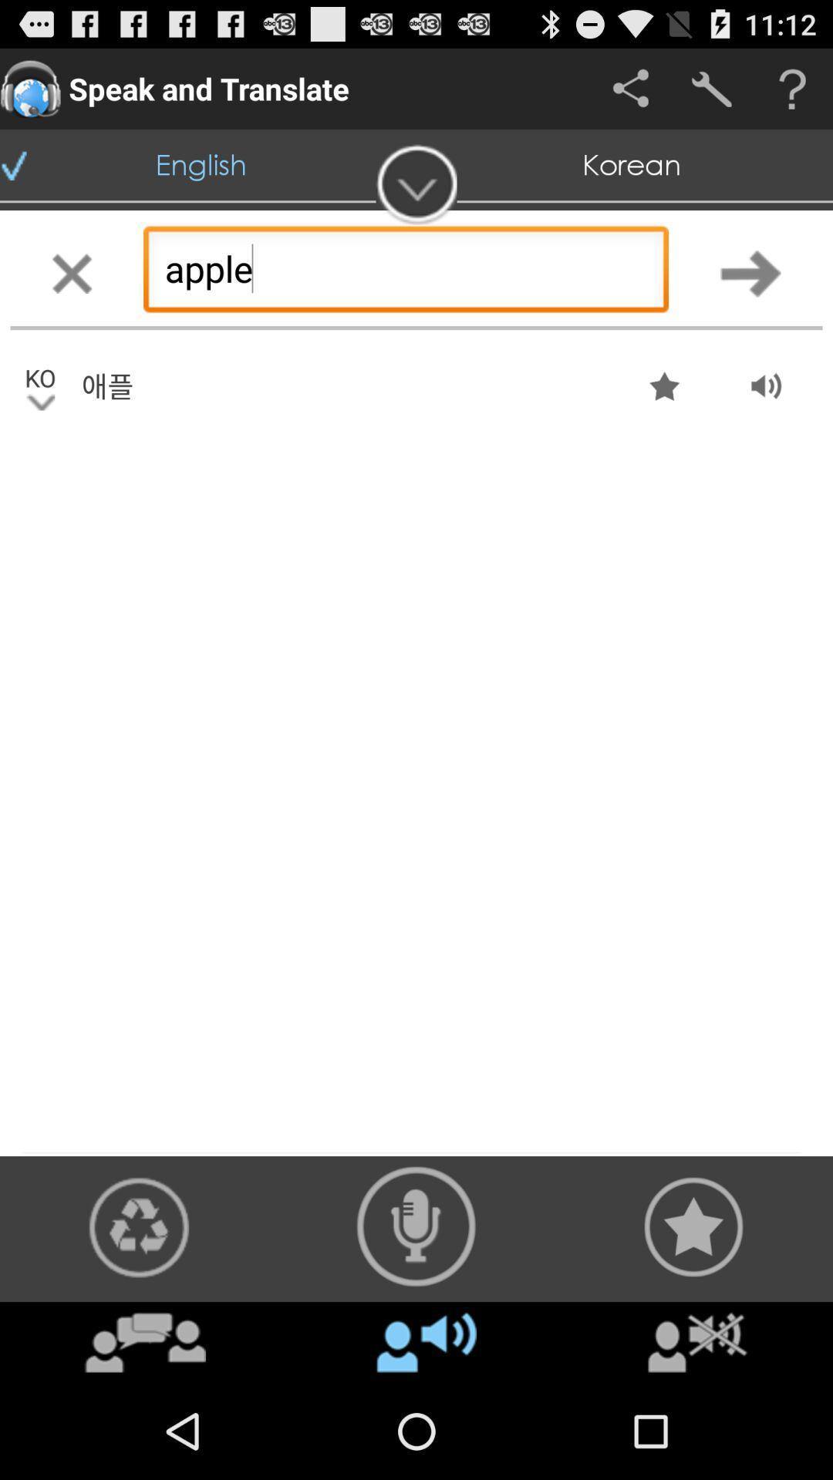  What do you see at coordinates (750, 273) in the screenshot?
I see `next step` at bounding box center [750, 273].